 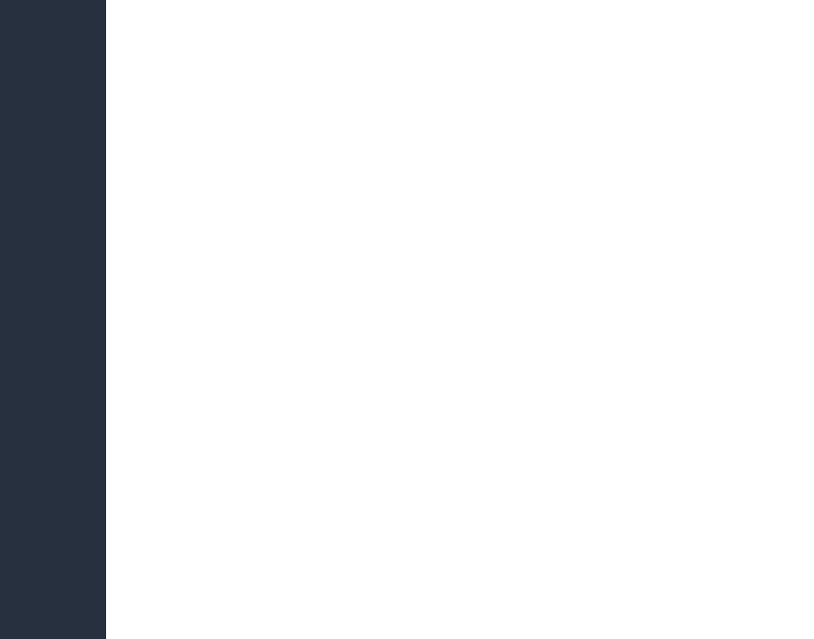 What do you see at coordinates (668, 297) in the screenshot?
I see `'Georgia Ministry of Foreign Affairs'` at bounding box center [668, 297].